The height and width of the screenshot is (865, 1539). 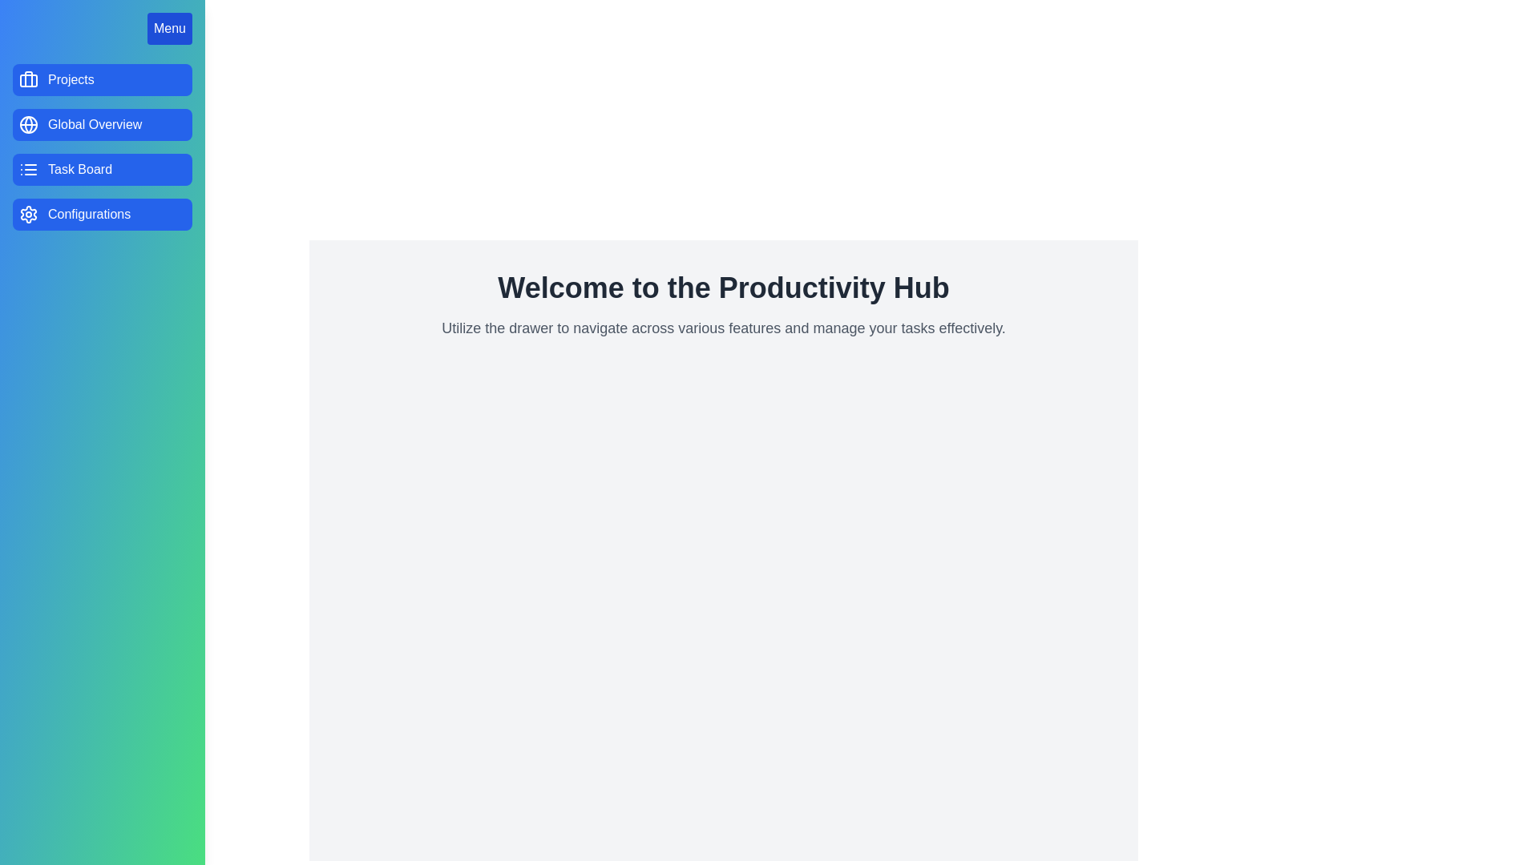 What do you see at coordinates (102, 170) in the screenshot?
I see `the menu option Task Board in the drawer` at bounding box center [102, 170].